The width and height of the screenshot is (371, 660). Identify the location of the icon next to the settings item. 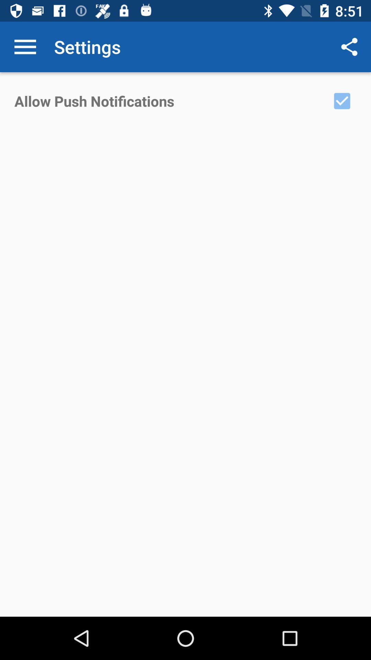
(25, 46).